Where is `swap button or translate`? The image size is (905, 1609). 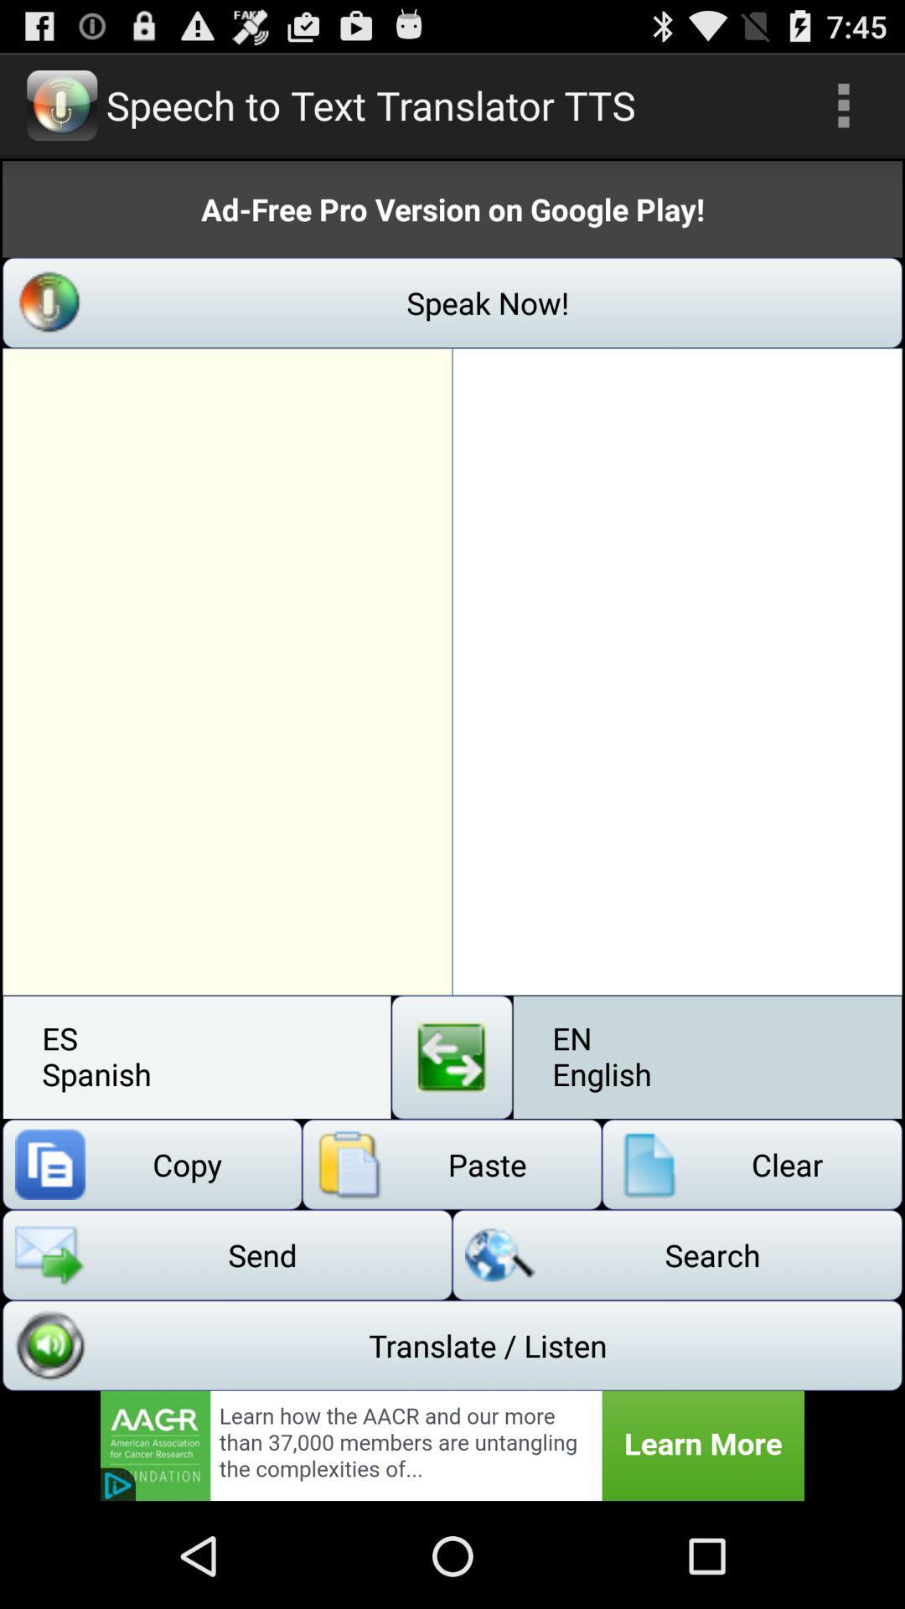
swap button or translate is located at coordinates (451, 1056).